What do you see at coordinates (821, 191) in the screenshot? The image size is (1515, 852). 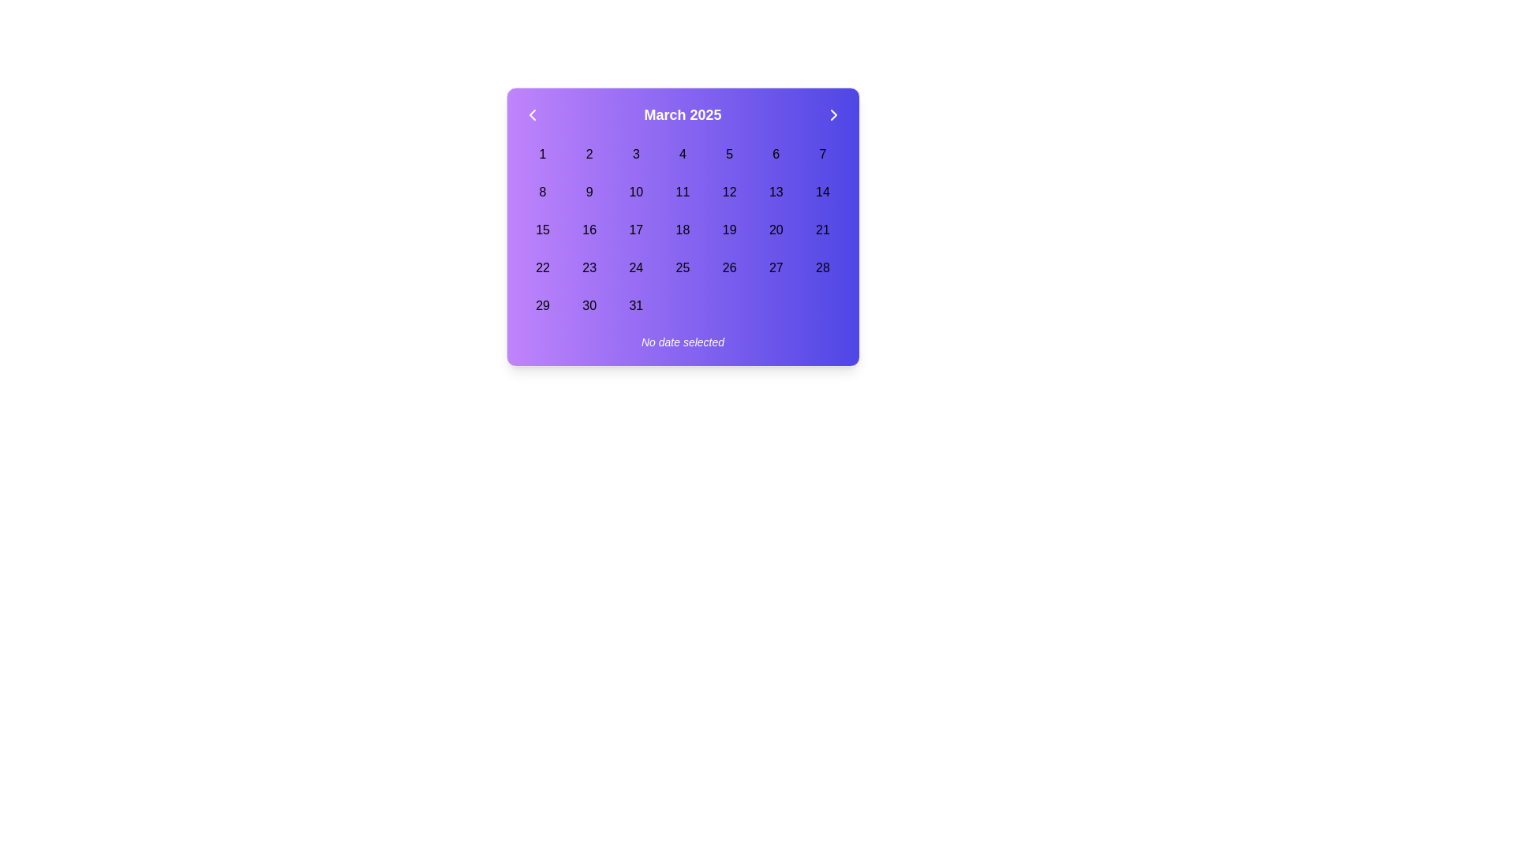 I see `the rounded Calendar date button labeled '14'` at bounding box center [821, 191].